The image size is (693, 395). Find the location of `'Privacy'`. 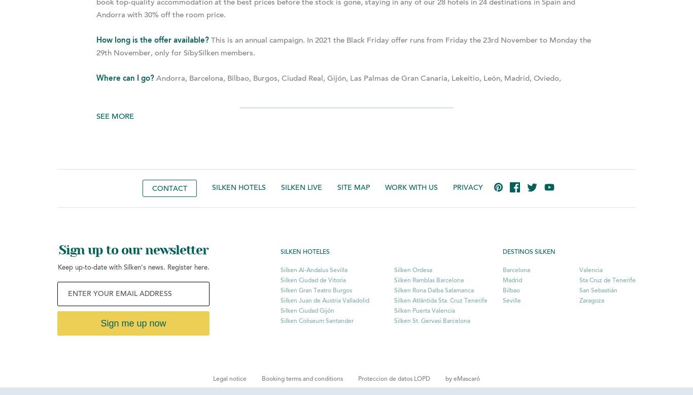

'Privacy' is located at coordinates (468, 187).